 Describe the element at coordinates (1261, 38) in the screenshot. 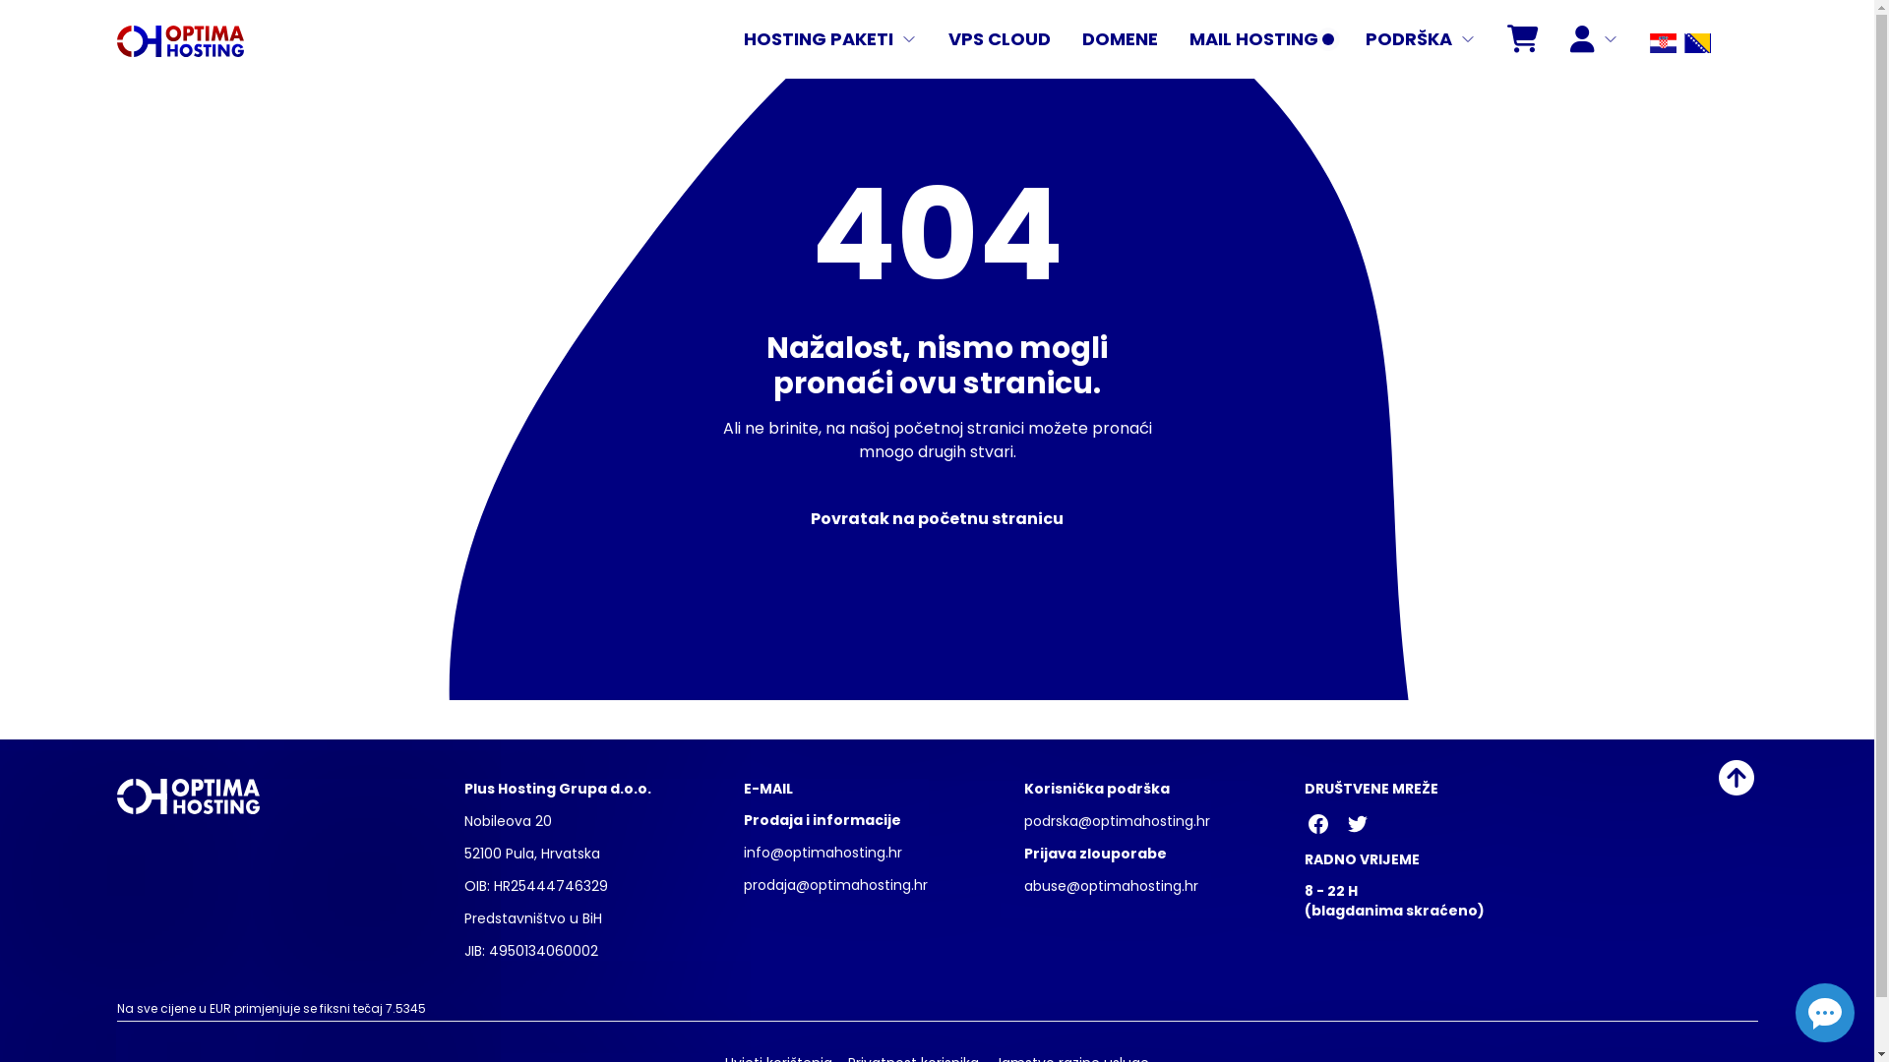

I see `'MAIL HOSTING'` at that location.